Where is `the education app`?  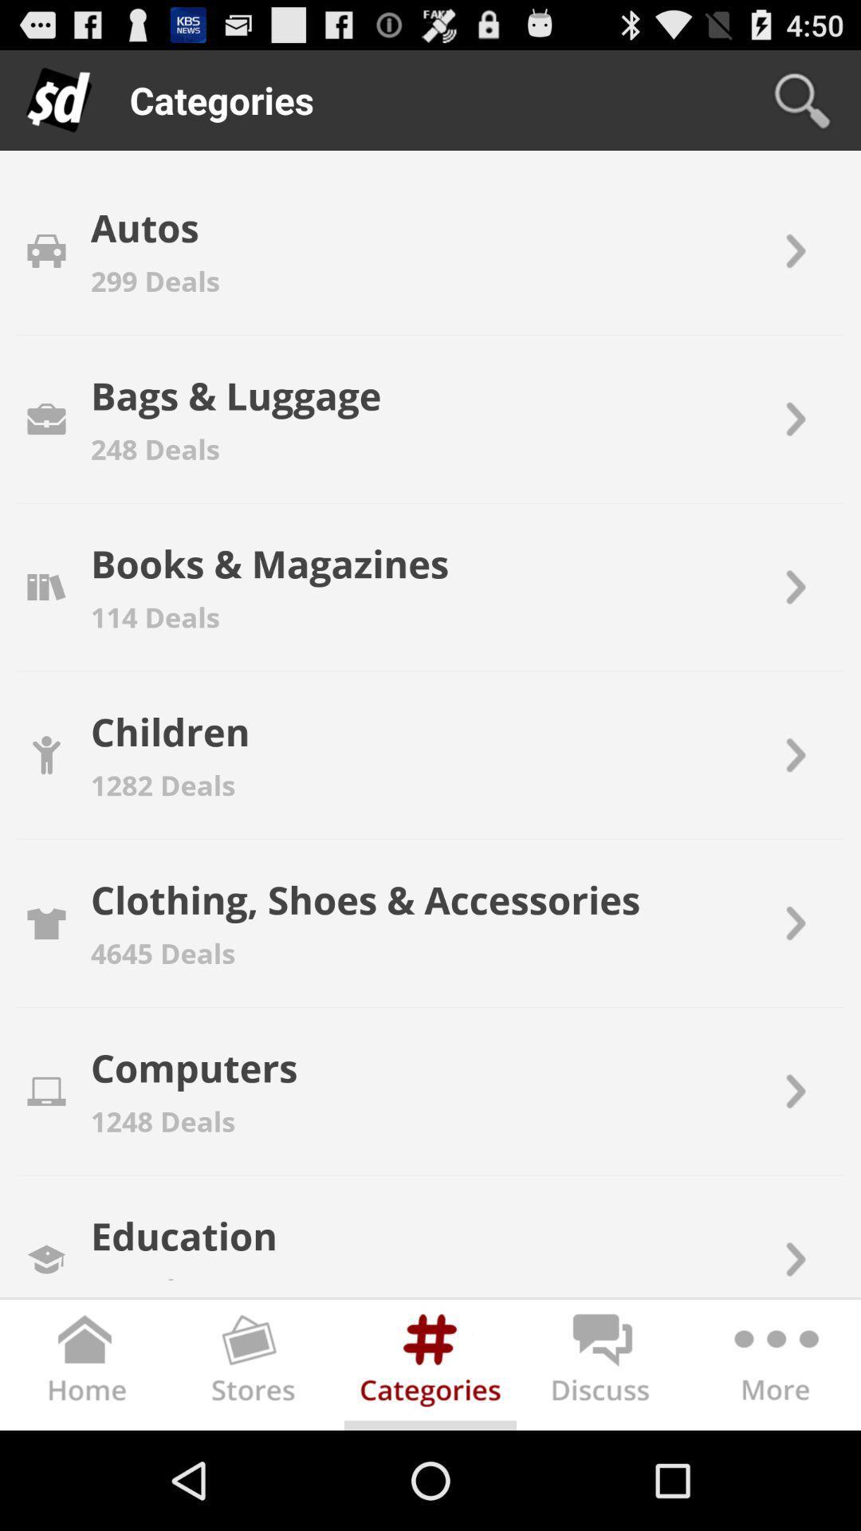 the education app is located at coordinates (183, 1234).